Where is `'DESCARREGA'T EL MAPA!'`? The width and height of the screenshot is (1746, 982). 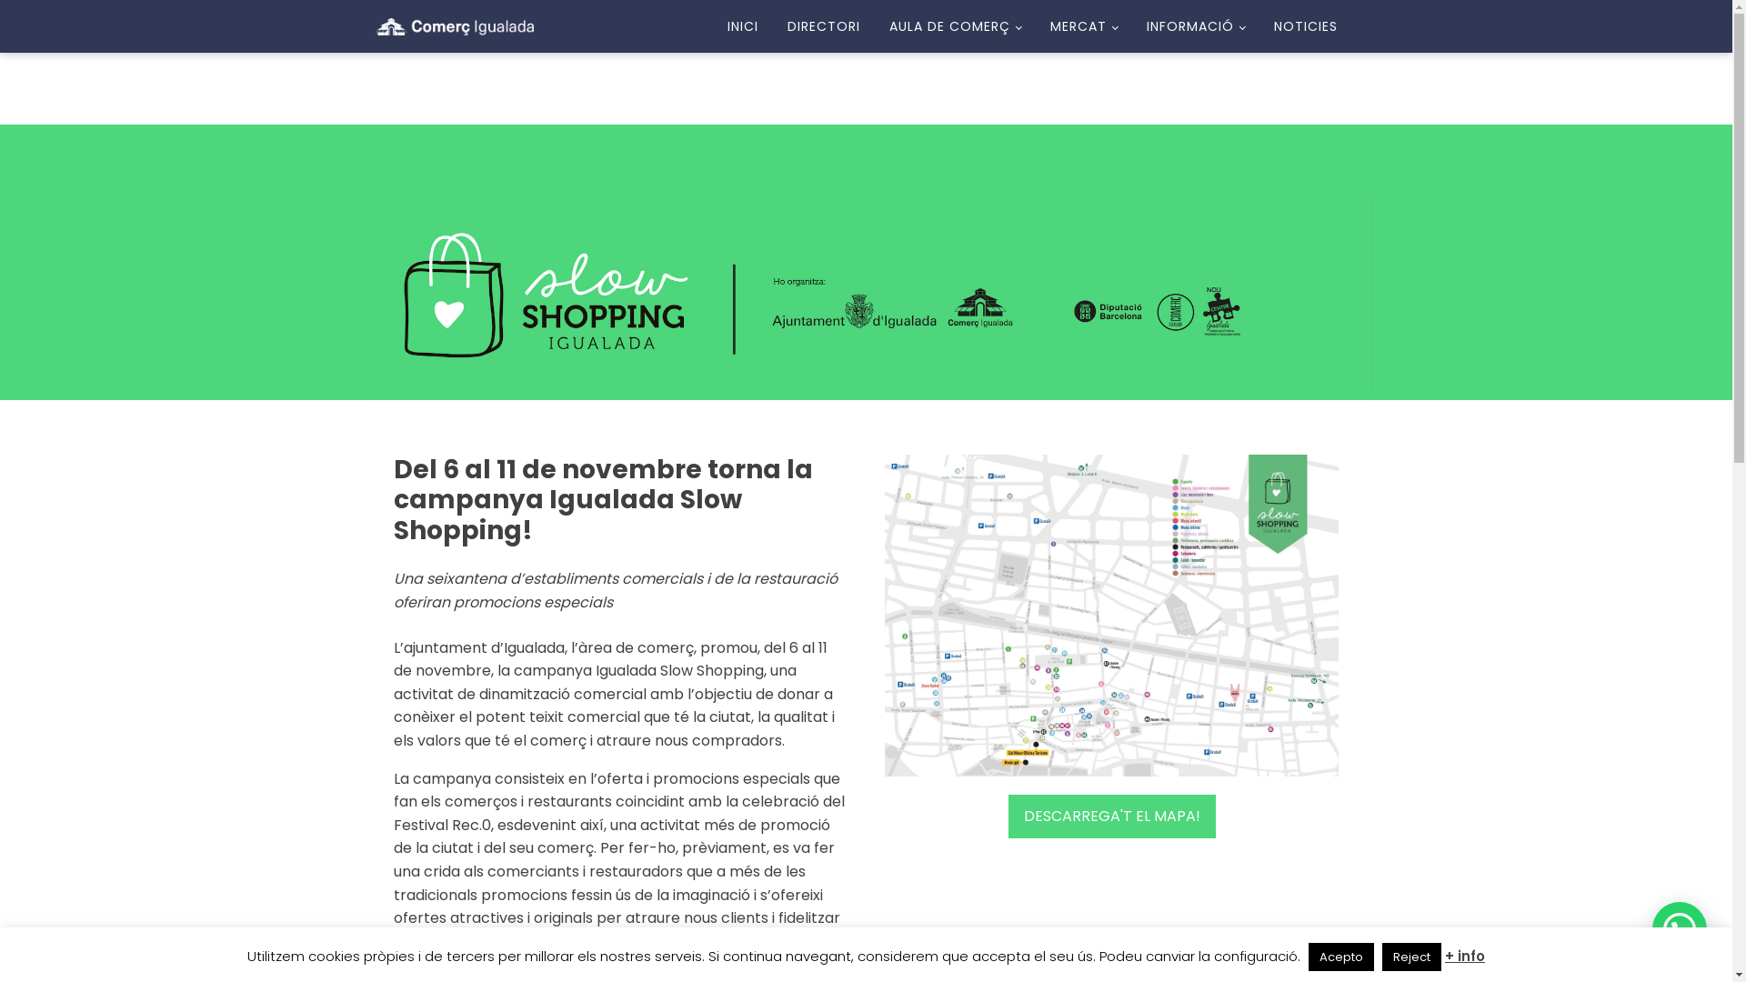 'DESCARREGA'T EL MAPA!' is located at coordinates (1110, 816).